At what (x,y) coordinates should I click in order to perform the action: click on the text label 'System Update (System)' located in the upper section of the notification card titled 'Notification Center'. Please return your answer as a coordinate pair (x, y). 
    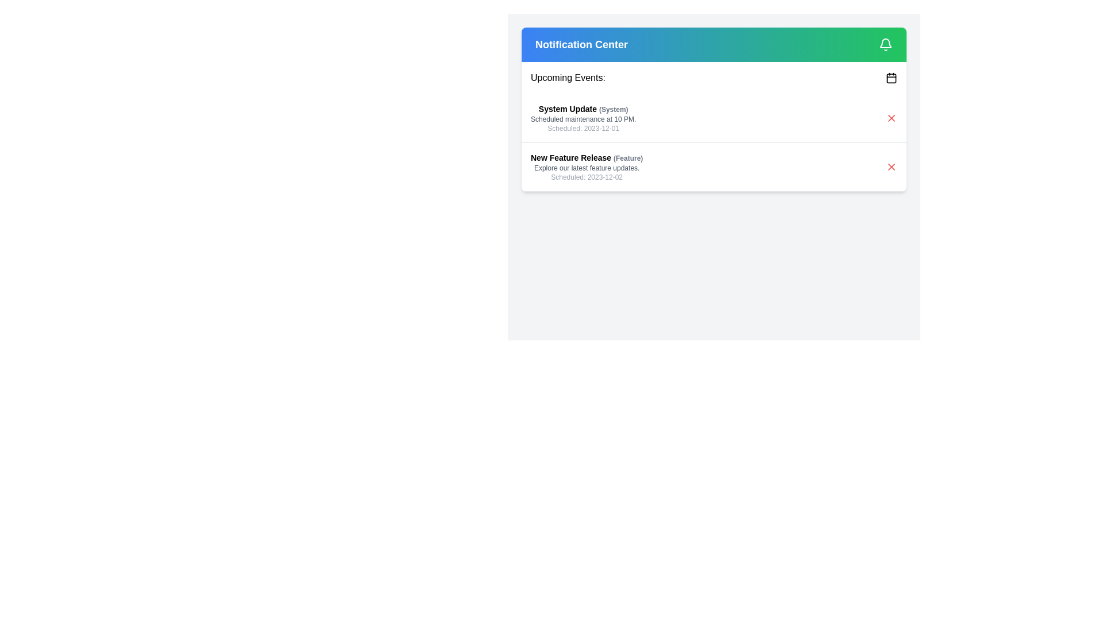
    Looking at the image, I should click on (583, 108).